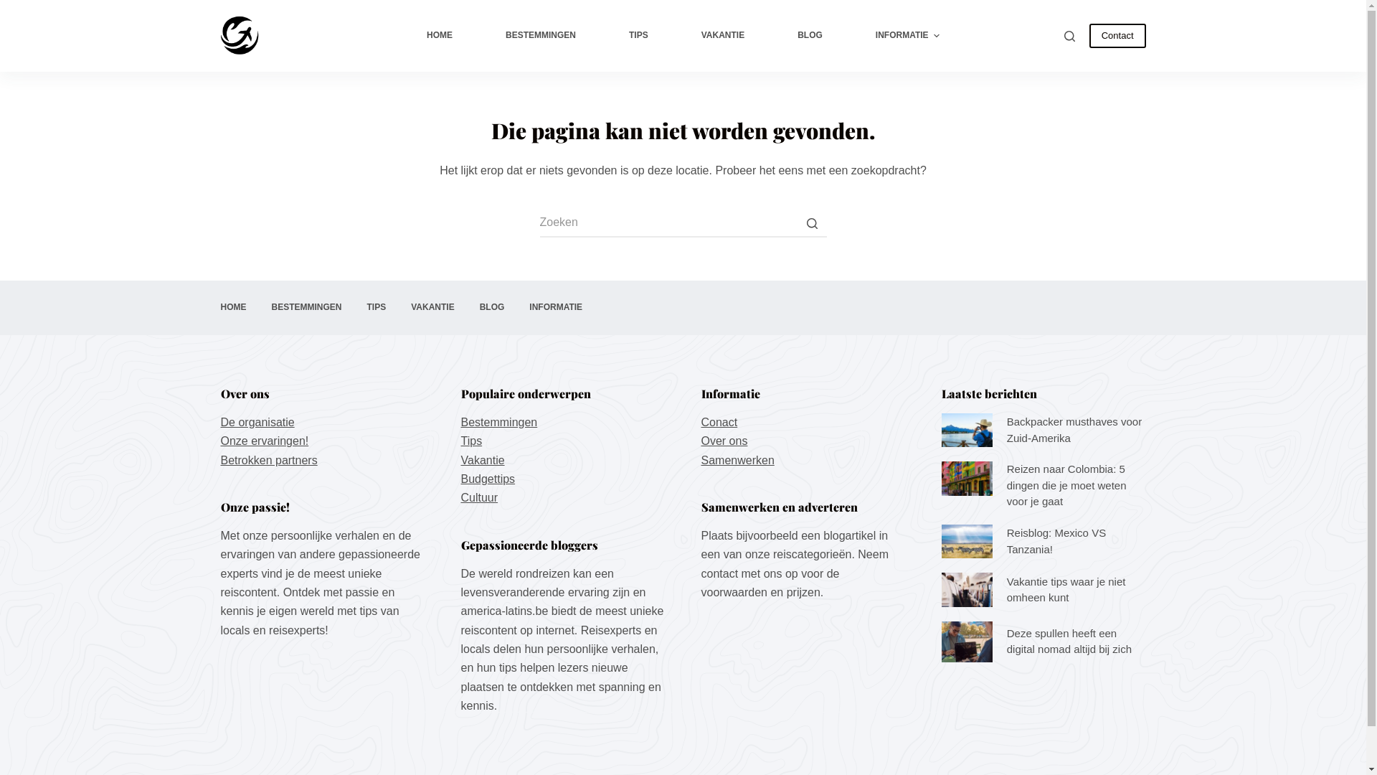  I want to click on 'Cultuur', so click(478, 497).